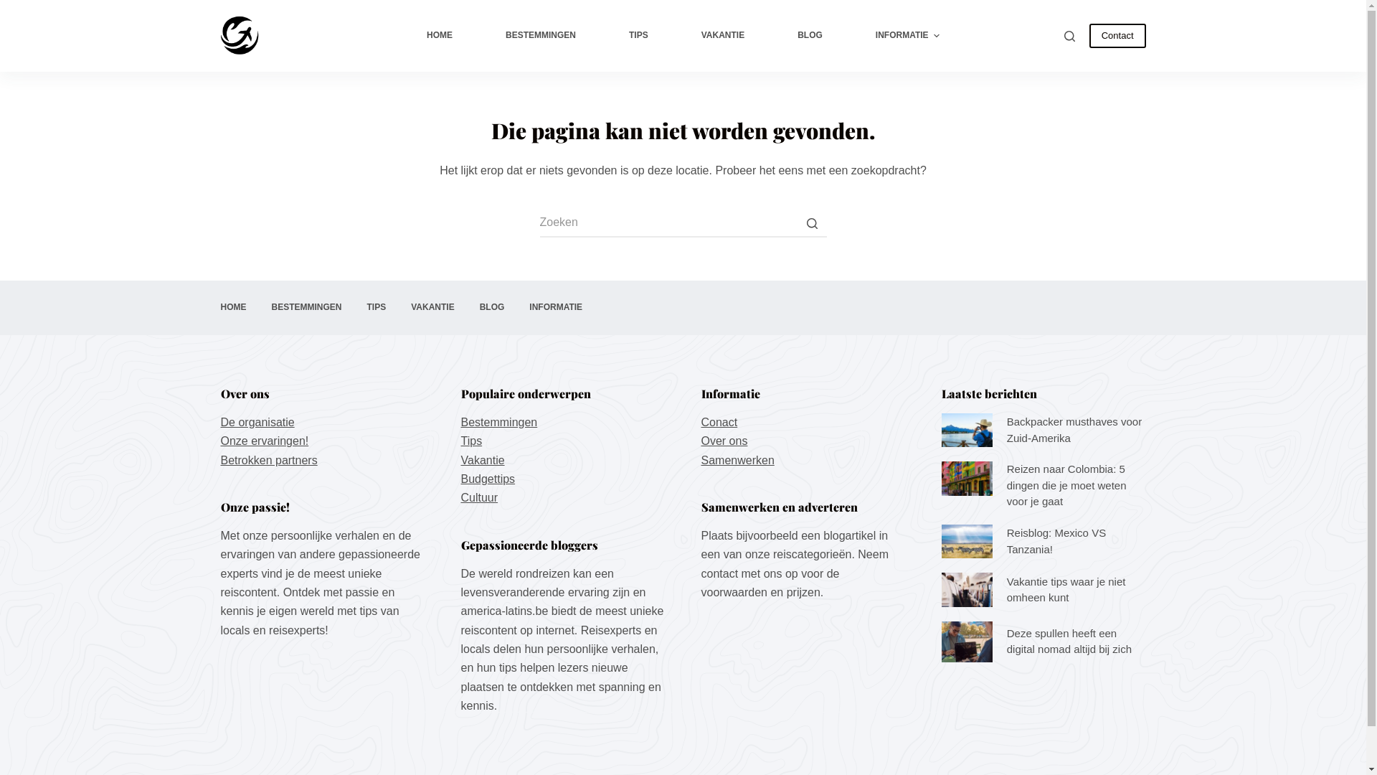  I want to click on 'Cultuur', so click(478, 497).